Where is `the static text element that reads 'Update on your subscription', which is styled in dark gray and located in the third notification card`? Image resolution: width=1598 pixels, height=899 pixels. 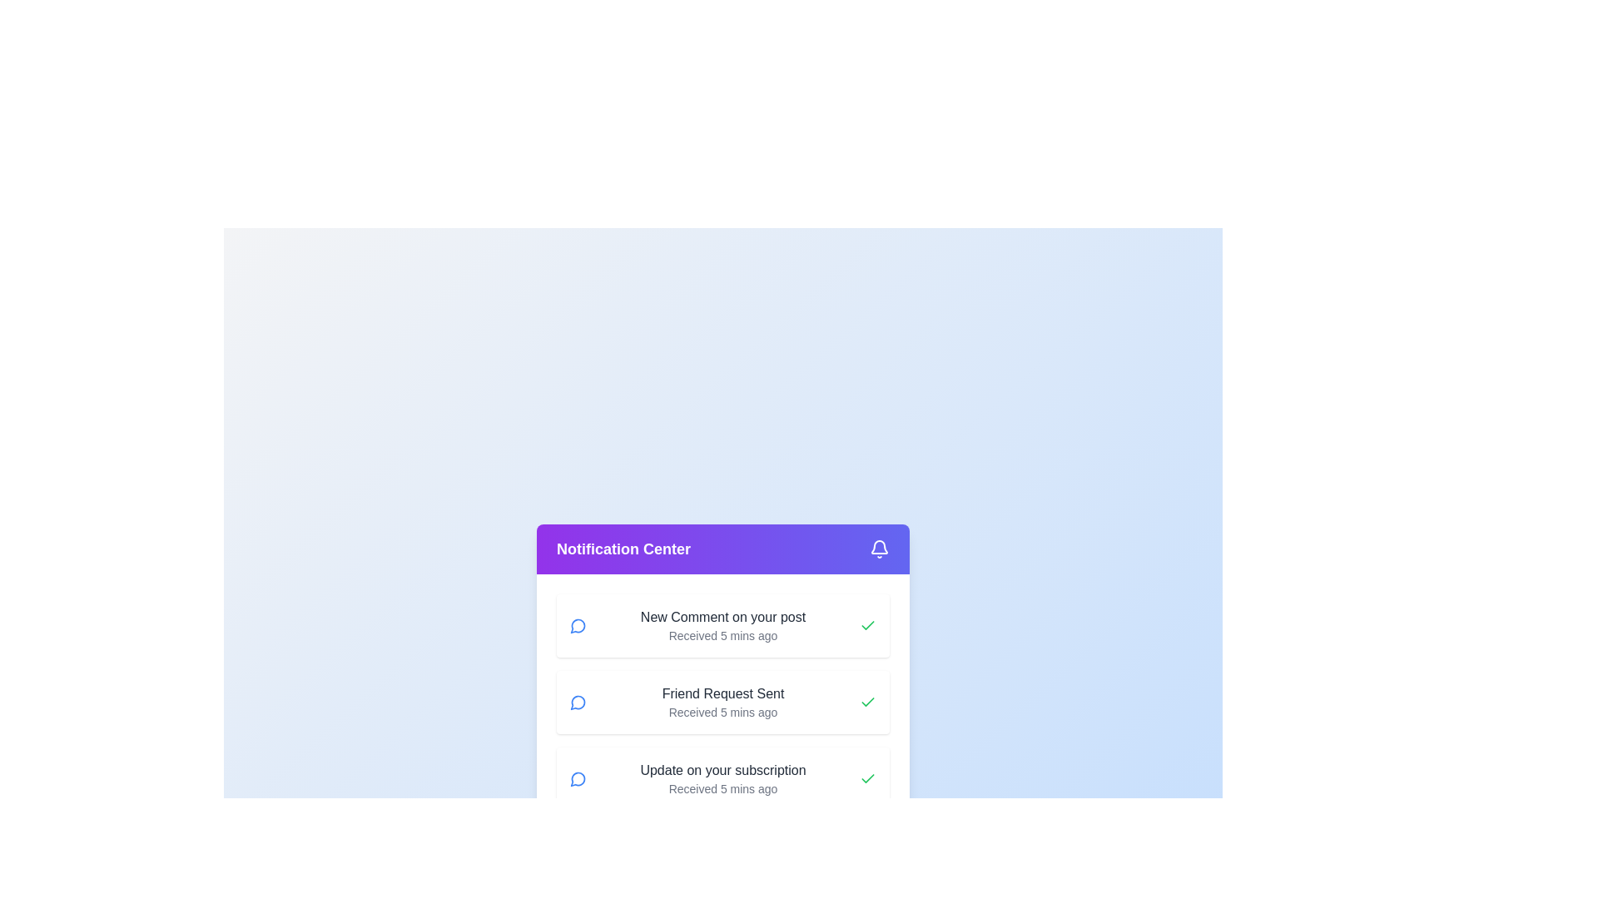 the static text element that reads 'Update on your subscription', which is styled in dark gray and located in the third notification card is located at coordinates (722, 770).